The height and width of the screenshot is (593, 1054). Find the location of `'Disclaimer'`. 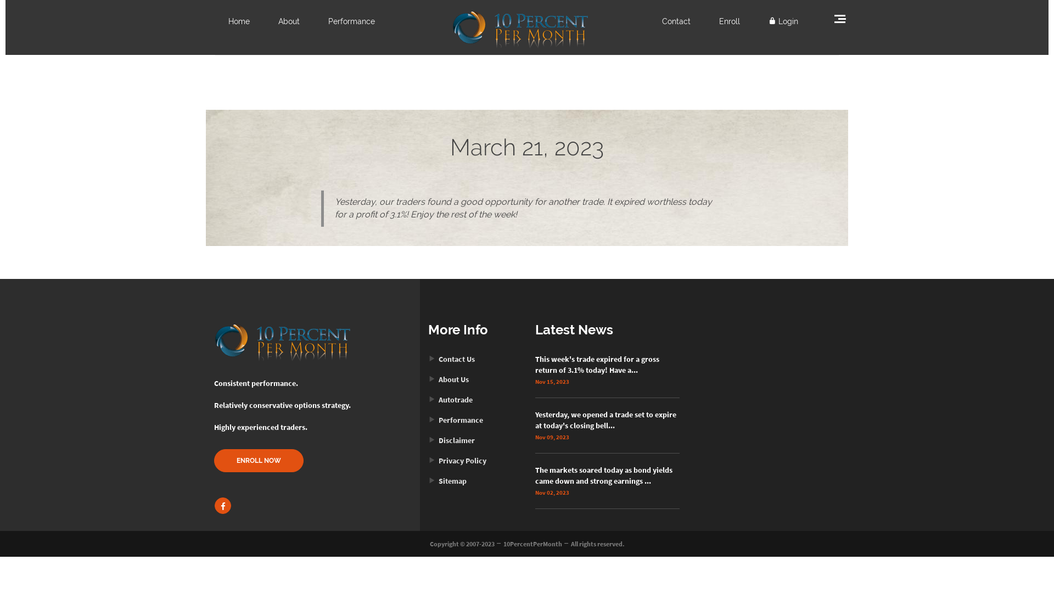

'Disclaimer' is located at coordinates (451, 440).